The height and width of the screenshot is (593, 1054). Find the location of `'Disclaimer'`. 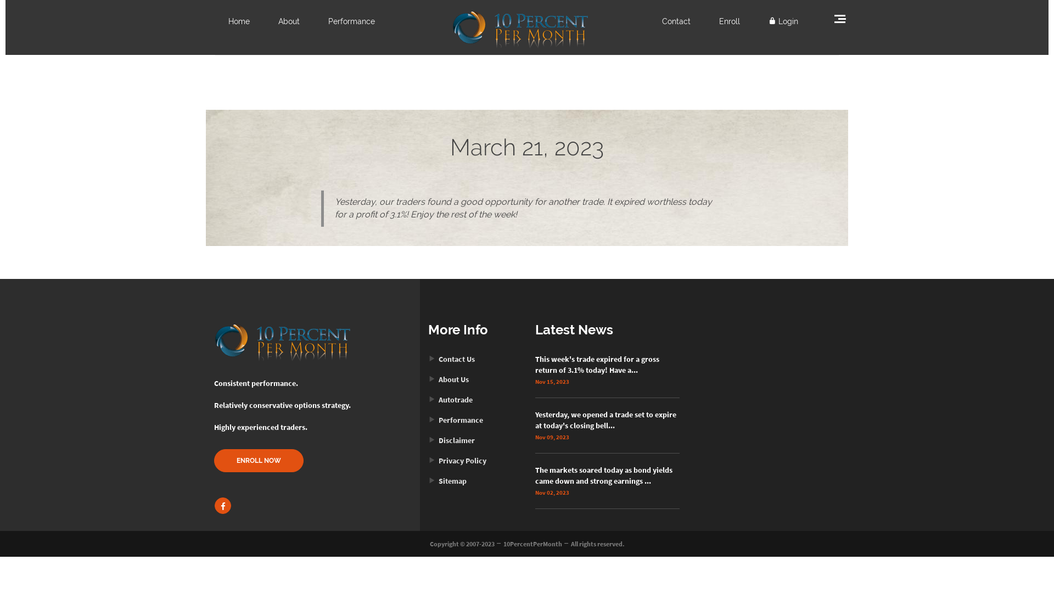

'Disclaimer' is located at coordinates (451, 440).